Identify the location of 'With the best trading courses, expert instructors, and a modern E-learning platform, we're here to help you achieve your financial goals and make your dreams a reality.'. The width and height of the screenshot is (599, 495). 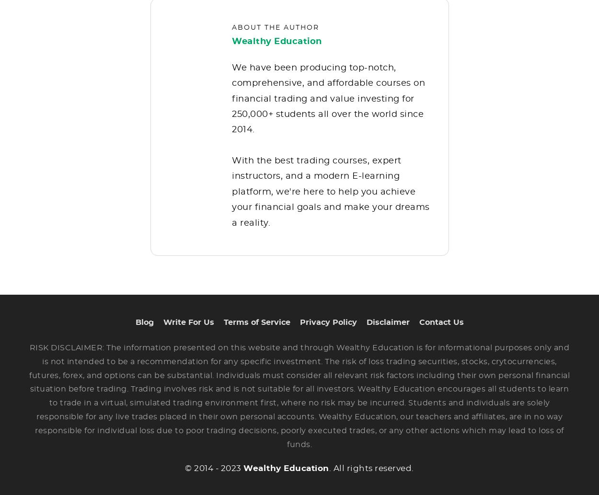
(330, 199).